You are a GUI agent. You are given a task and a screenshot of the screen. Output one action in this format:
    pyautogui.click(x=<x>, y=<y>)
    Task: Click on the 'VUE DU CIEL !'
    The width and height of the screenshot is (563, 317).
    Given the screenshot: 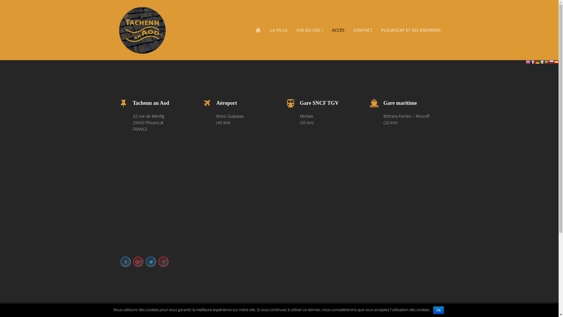 What is the action you would take?
    pyautogui.click(x=309, y=30)
    